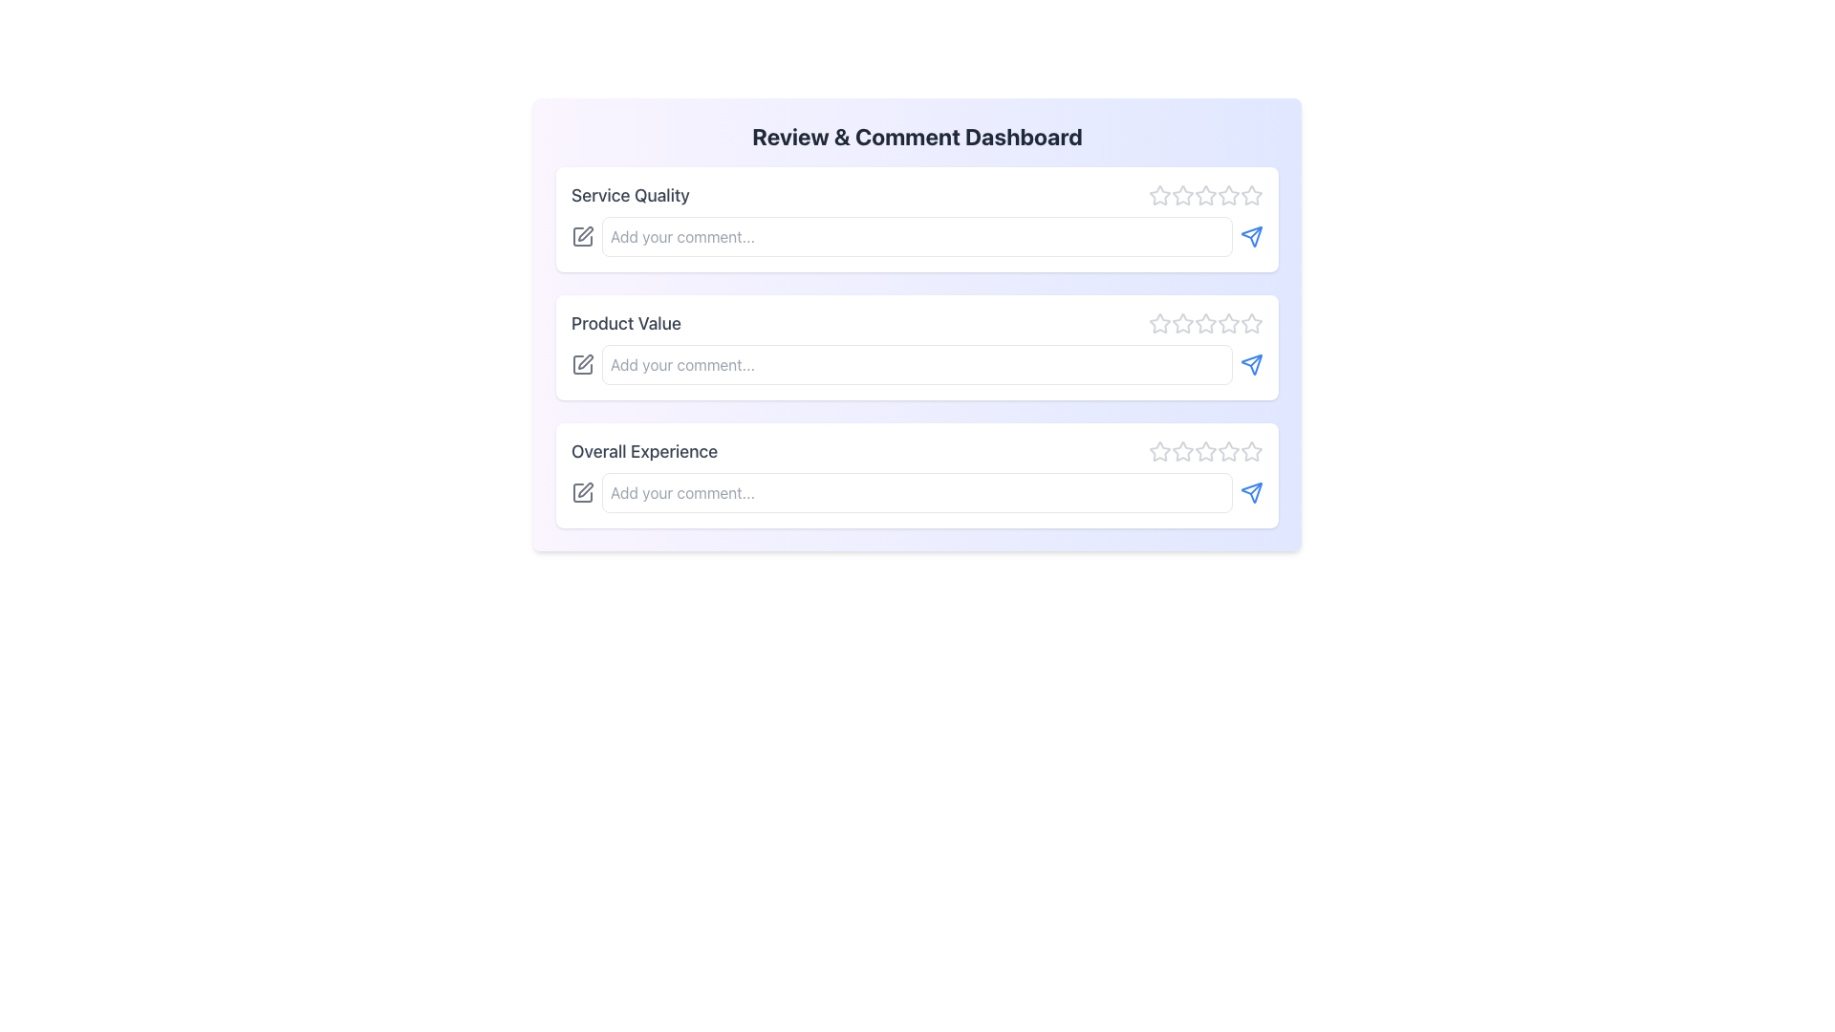  I want to click on the fifth star icon in the 'Product Value' rating section, so click(1252, 323).